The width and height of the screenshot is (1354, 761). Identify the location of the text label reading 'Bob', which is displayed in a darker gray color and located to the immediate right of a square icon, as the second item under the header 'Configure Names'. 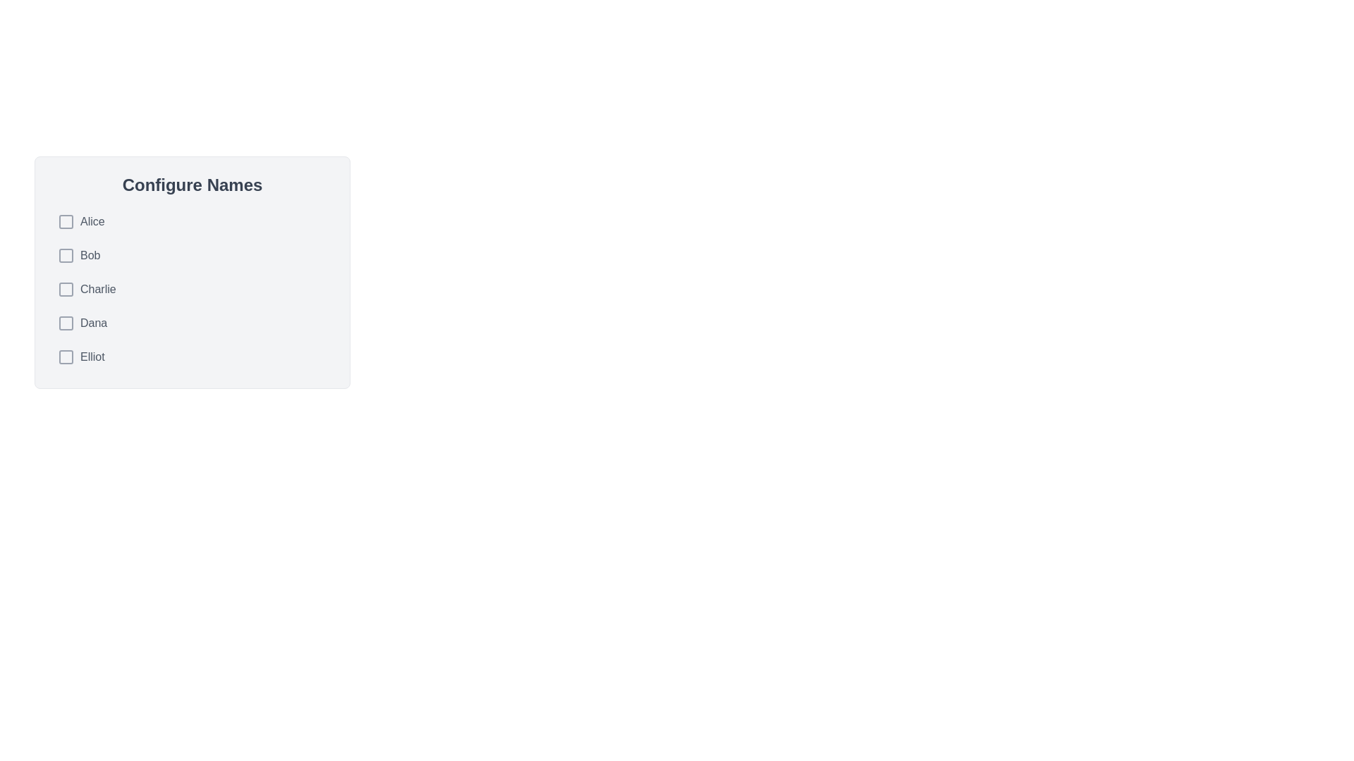
(78, 255).